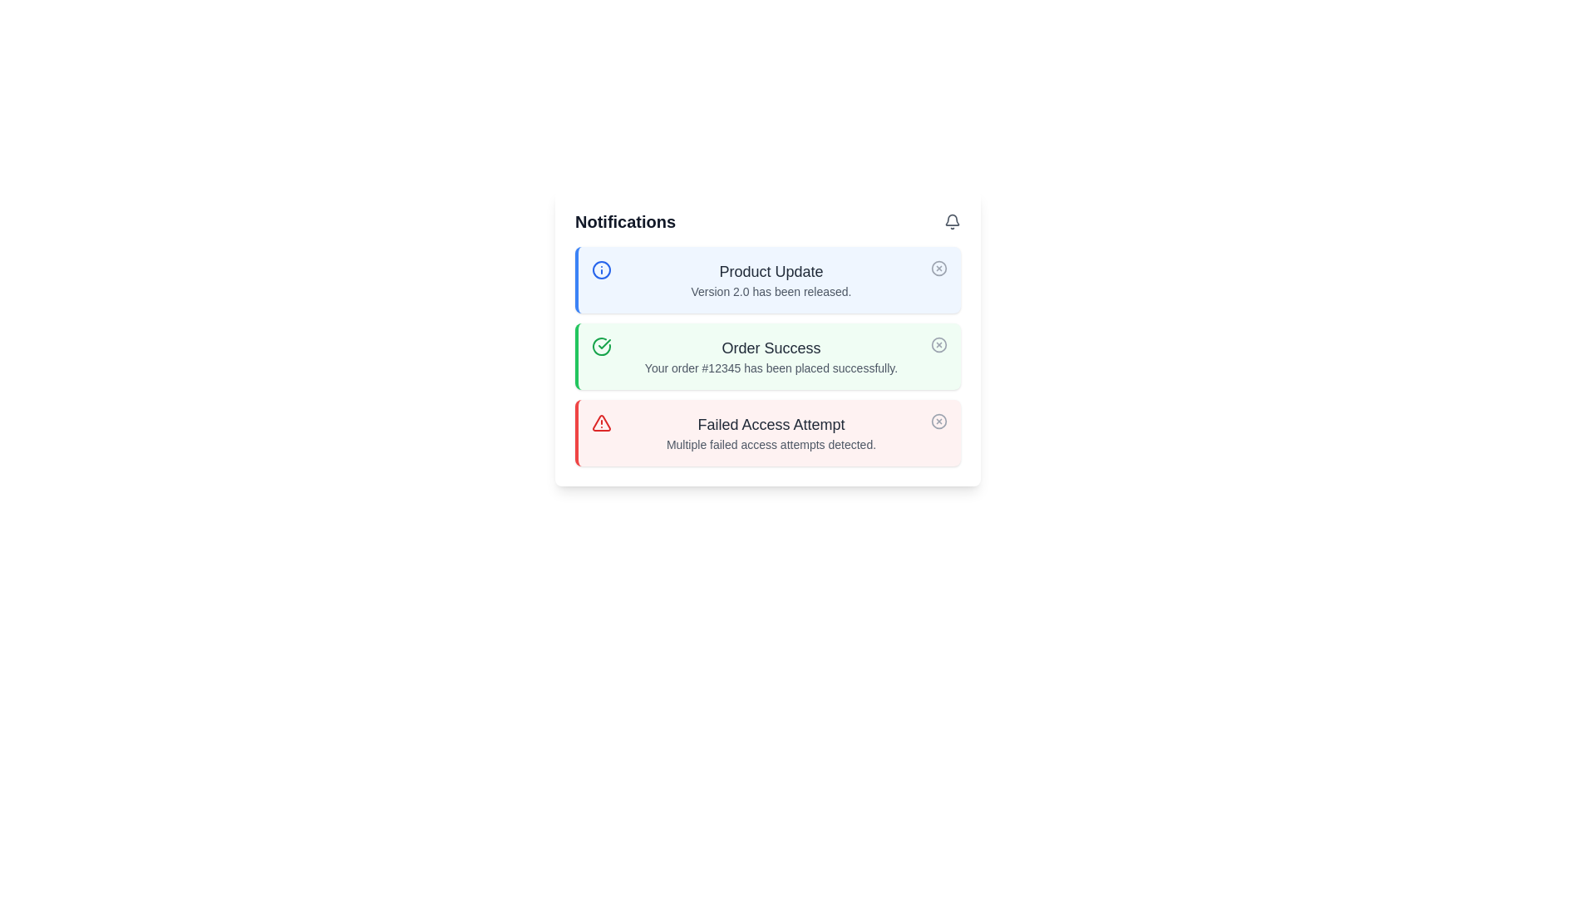  Describe the element at coordinates (770, 279) in the screenshot. I see `notification message indicating a product update release from the Text Block positioned inside a panel with a blue left border and background` at that location.